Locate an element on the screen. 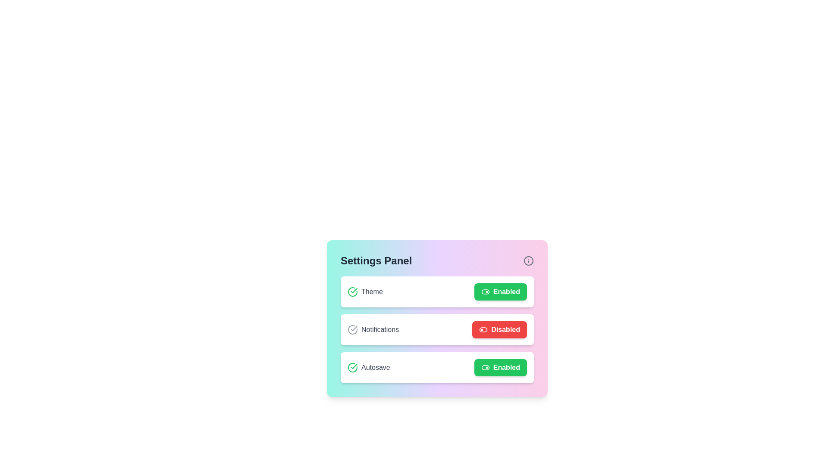  the setting item Notifications is located at coordinates (437, 329).